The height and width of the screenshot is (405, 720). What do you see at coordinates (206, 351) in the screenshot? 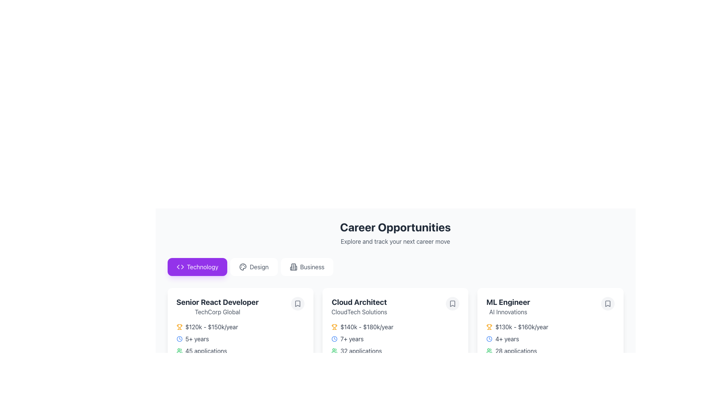
I see `displayed text from the text label that indicates the number of applications submitted for the job 'Senior React Developer', which is centrally positioned under the '5+ years' line` at bounding box center [206, 351].